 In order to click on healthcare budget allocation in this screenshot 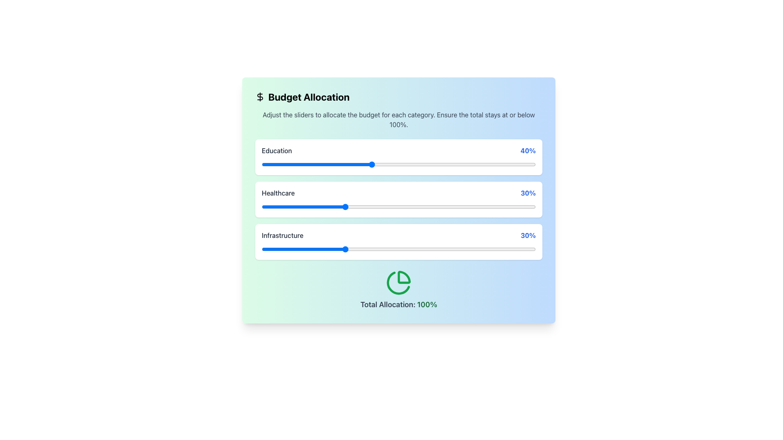, I will do `click(355, 207)`.